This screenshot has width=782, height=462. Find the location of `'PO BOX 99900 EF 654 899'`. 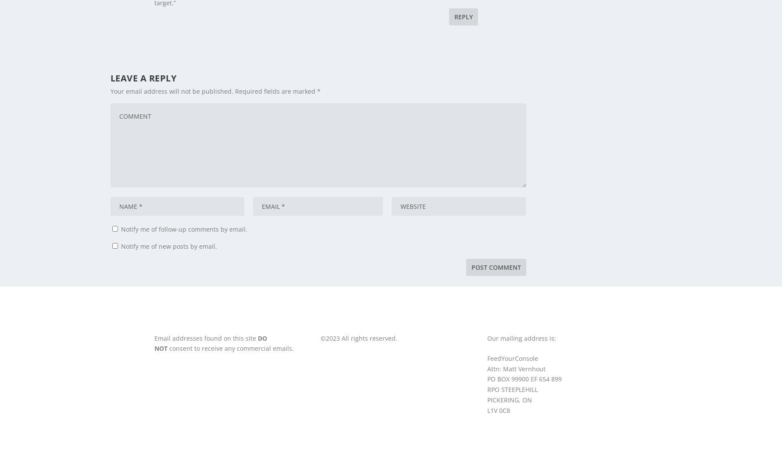

'PO BOX 99900 EF 654 899' is located at coordinates (525, 379).